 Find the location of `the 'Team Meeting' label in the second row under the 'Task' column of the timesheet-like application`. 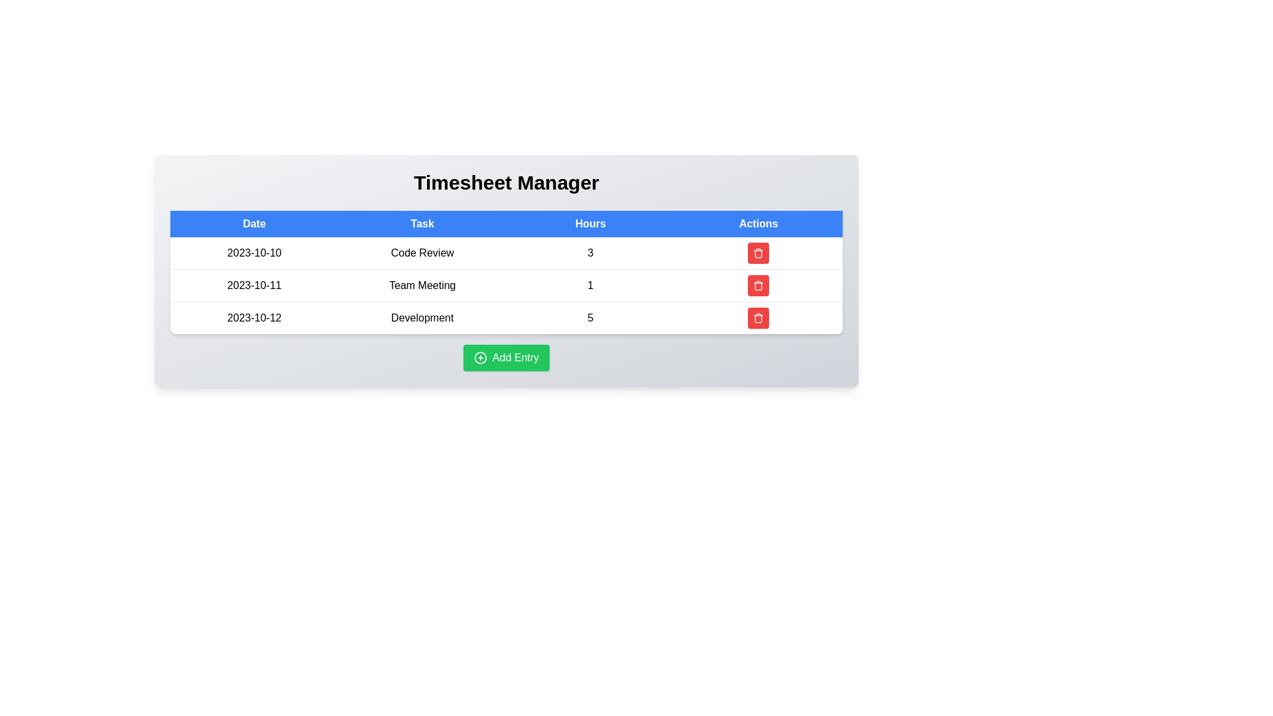

the 'Team Meeting' label in the second row under the 'Task' column of the timesheet-like application is located at coordinates (422, 285).